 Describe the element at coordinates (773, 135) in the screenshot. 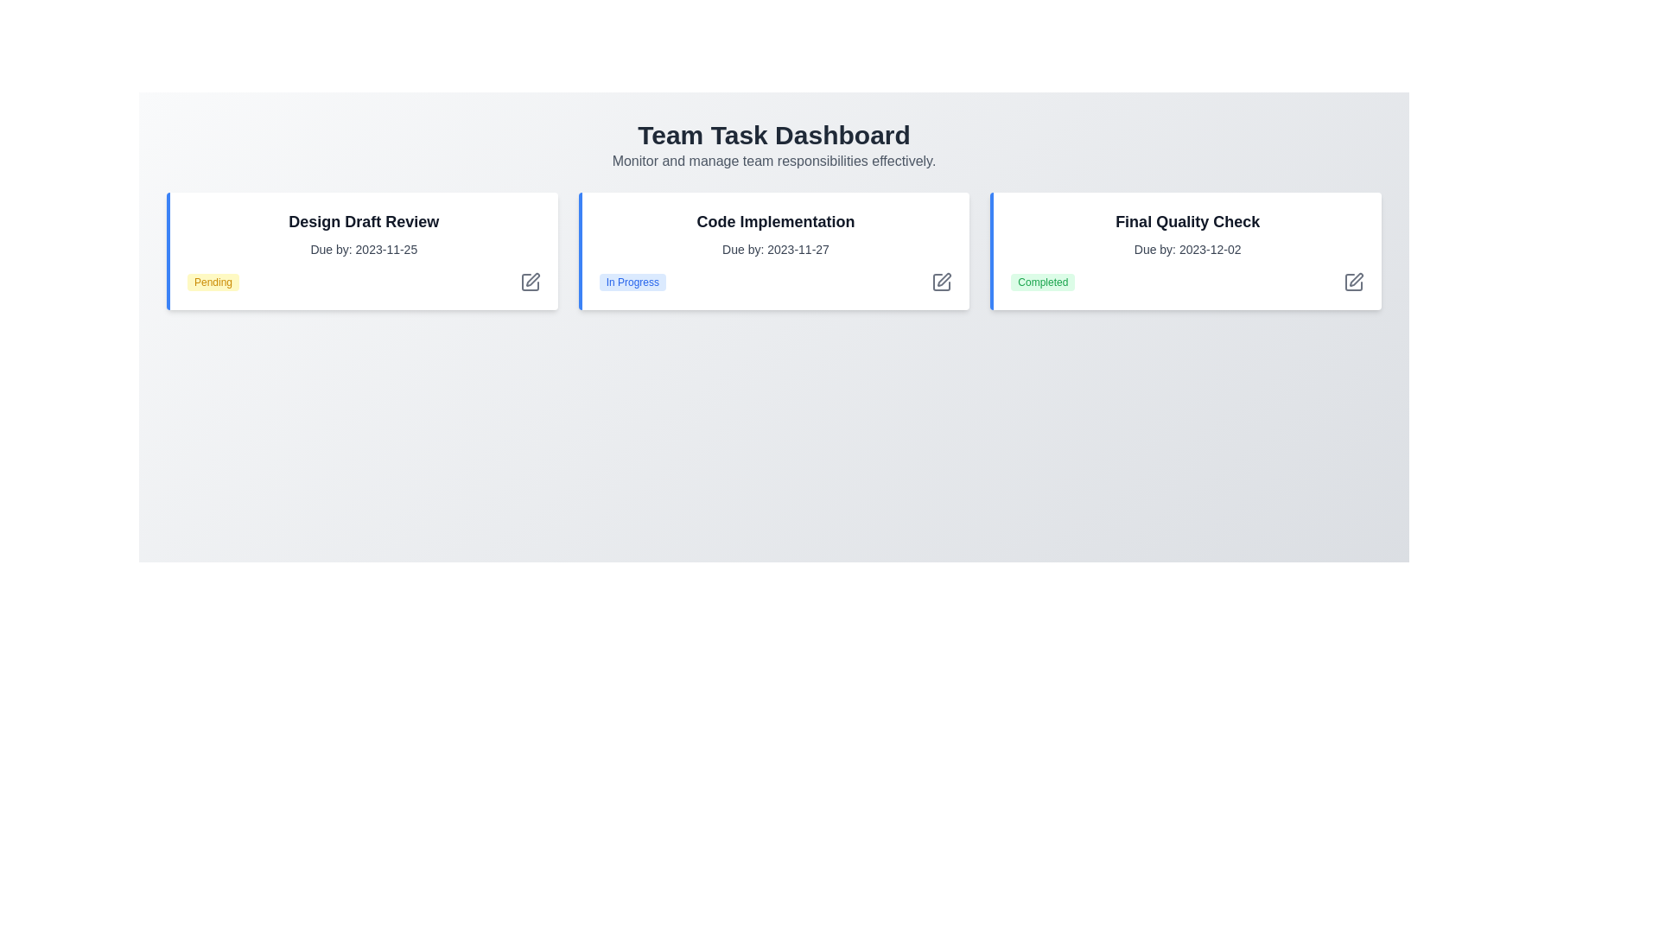

I see `the prominent heading text 'Team Task Dashboard', which is styled in a bold font and colored in dark gray, located near the top of the interface` at that location.